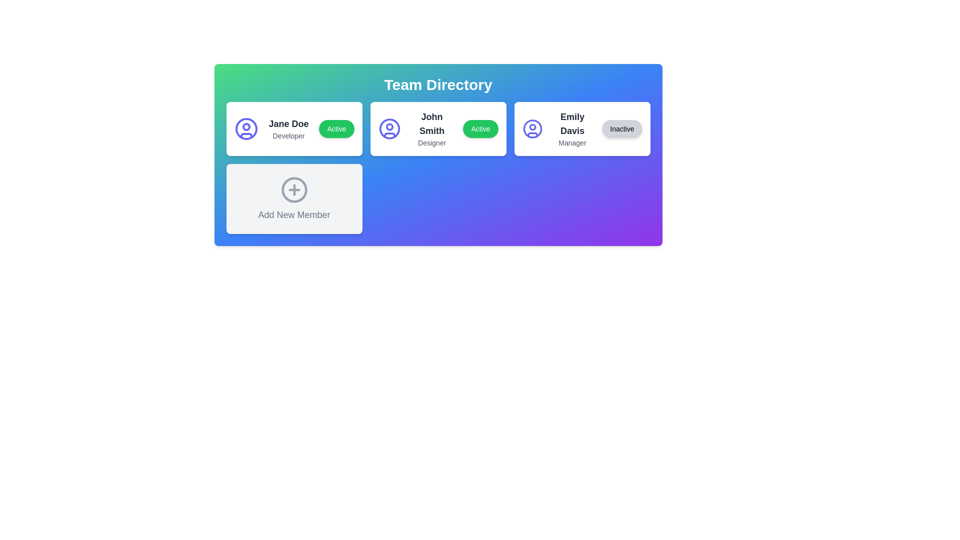 This screenshot has height=540, width=960. What do you see at coordinates (246, 128) in the screenshot?
I see `the user icon located at the far left of the card labeled 'Jane Doe Developer', which features a thin-line style in bold indigo shade` at bounding box center [246, 128].